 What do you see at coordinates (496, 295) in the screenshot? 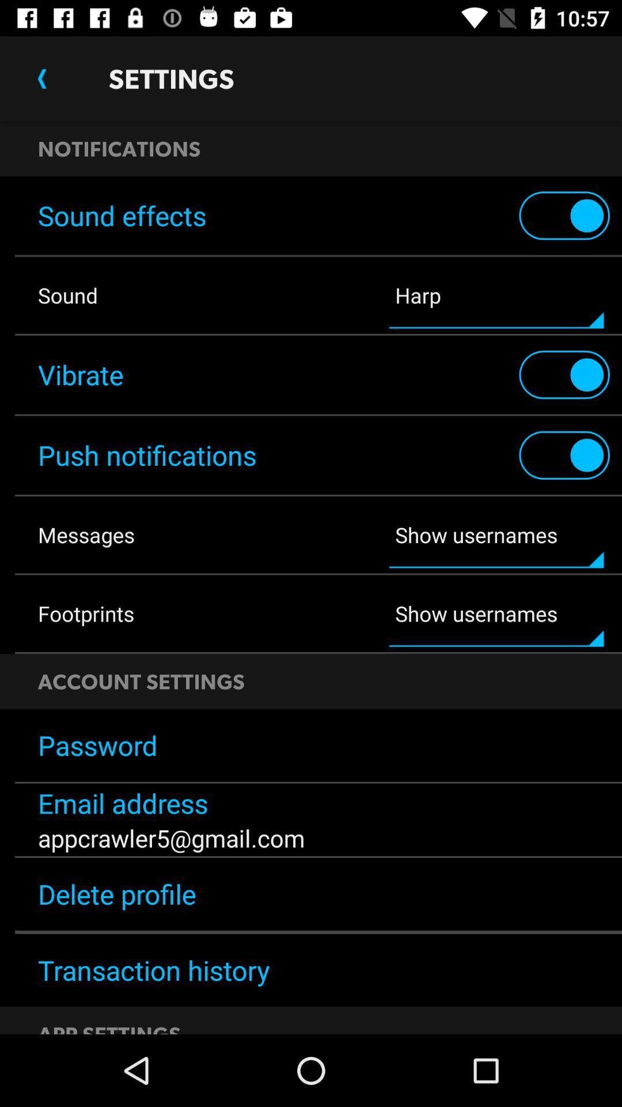
I see `icon to the right of sound icon` at bounding box center [496, 295].